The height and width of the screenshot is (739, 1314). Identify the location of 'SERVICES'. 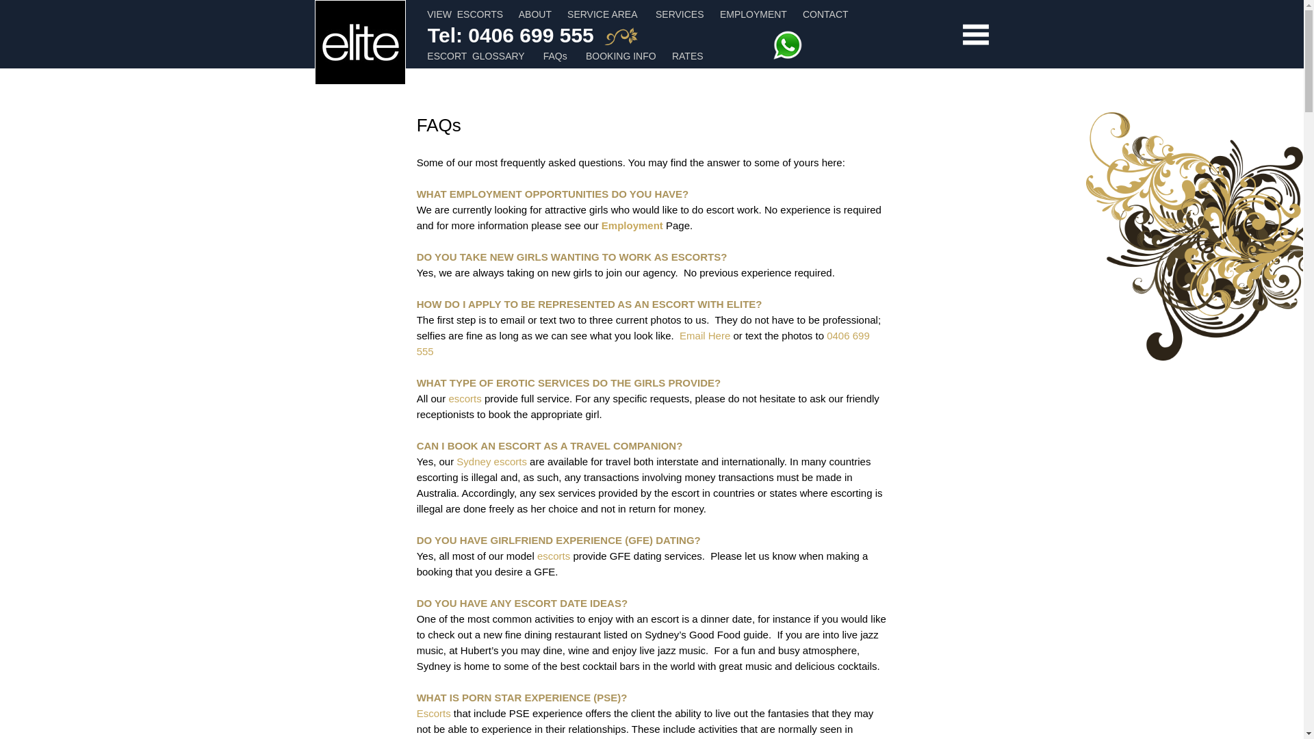
(680, 14).